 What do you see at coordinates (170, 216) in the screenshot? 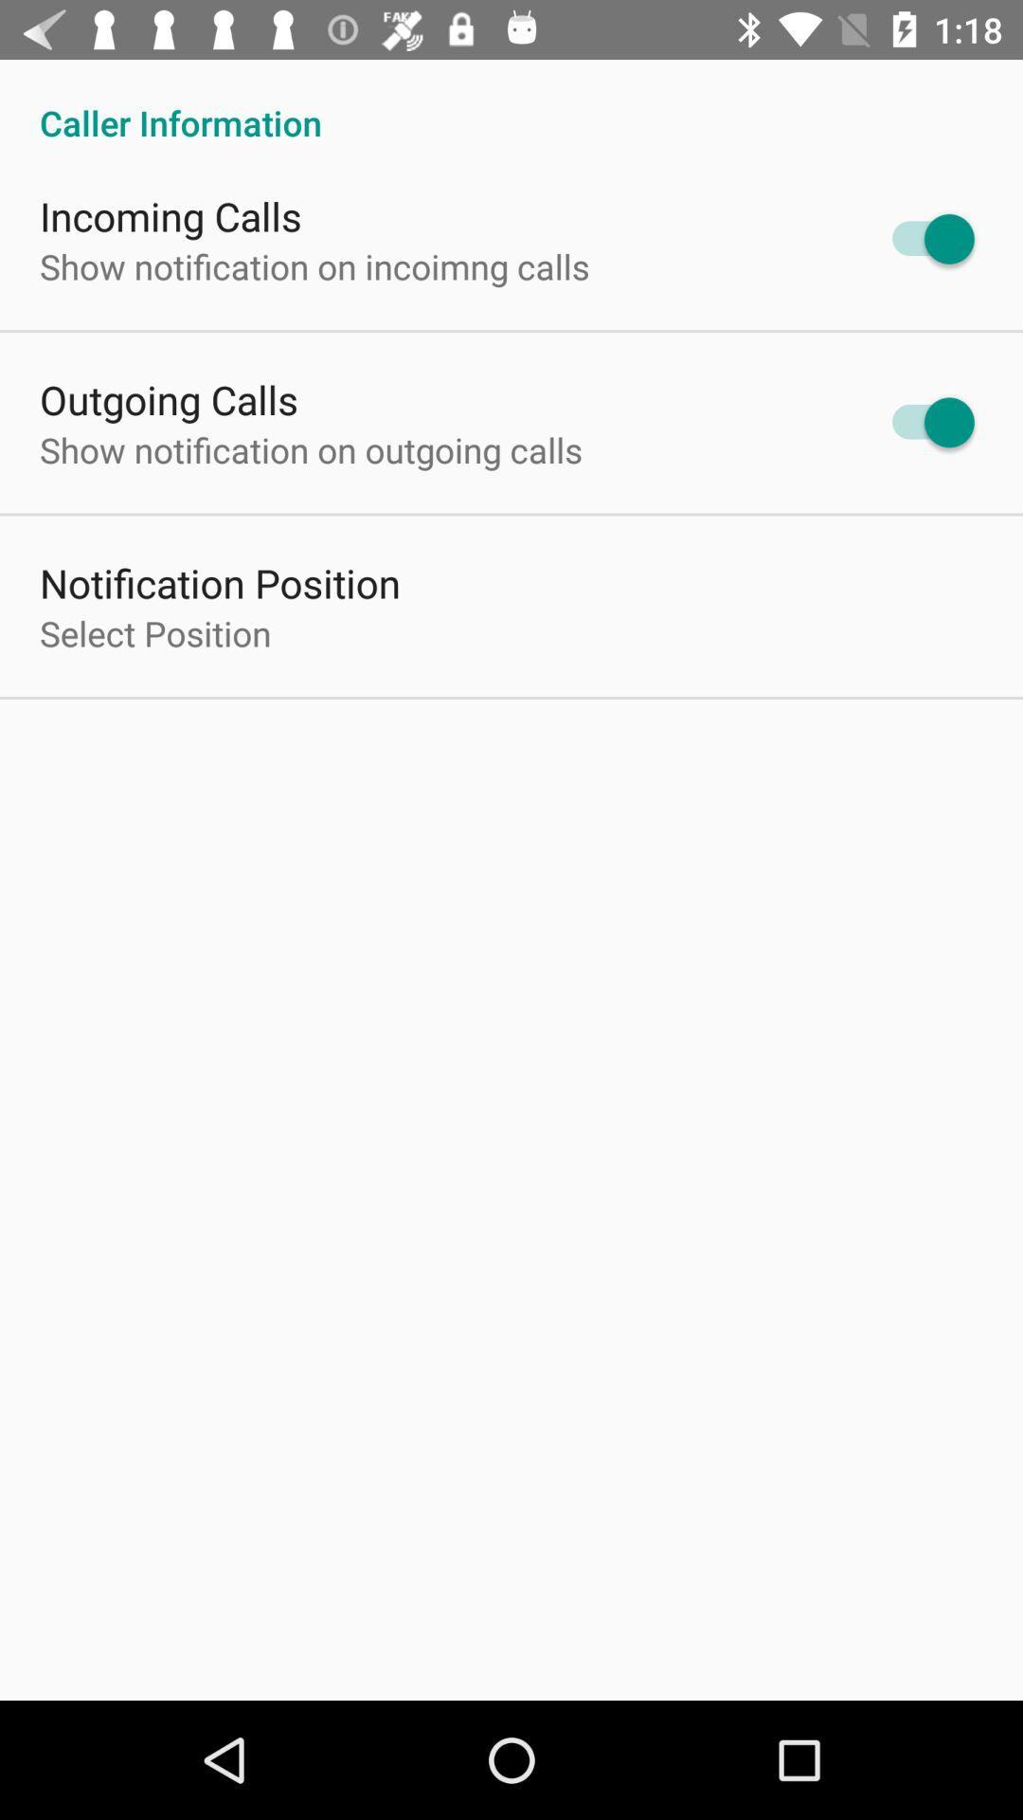
I see `the icon above the show notification on item` at bounding box center [170, 216].